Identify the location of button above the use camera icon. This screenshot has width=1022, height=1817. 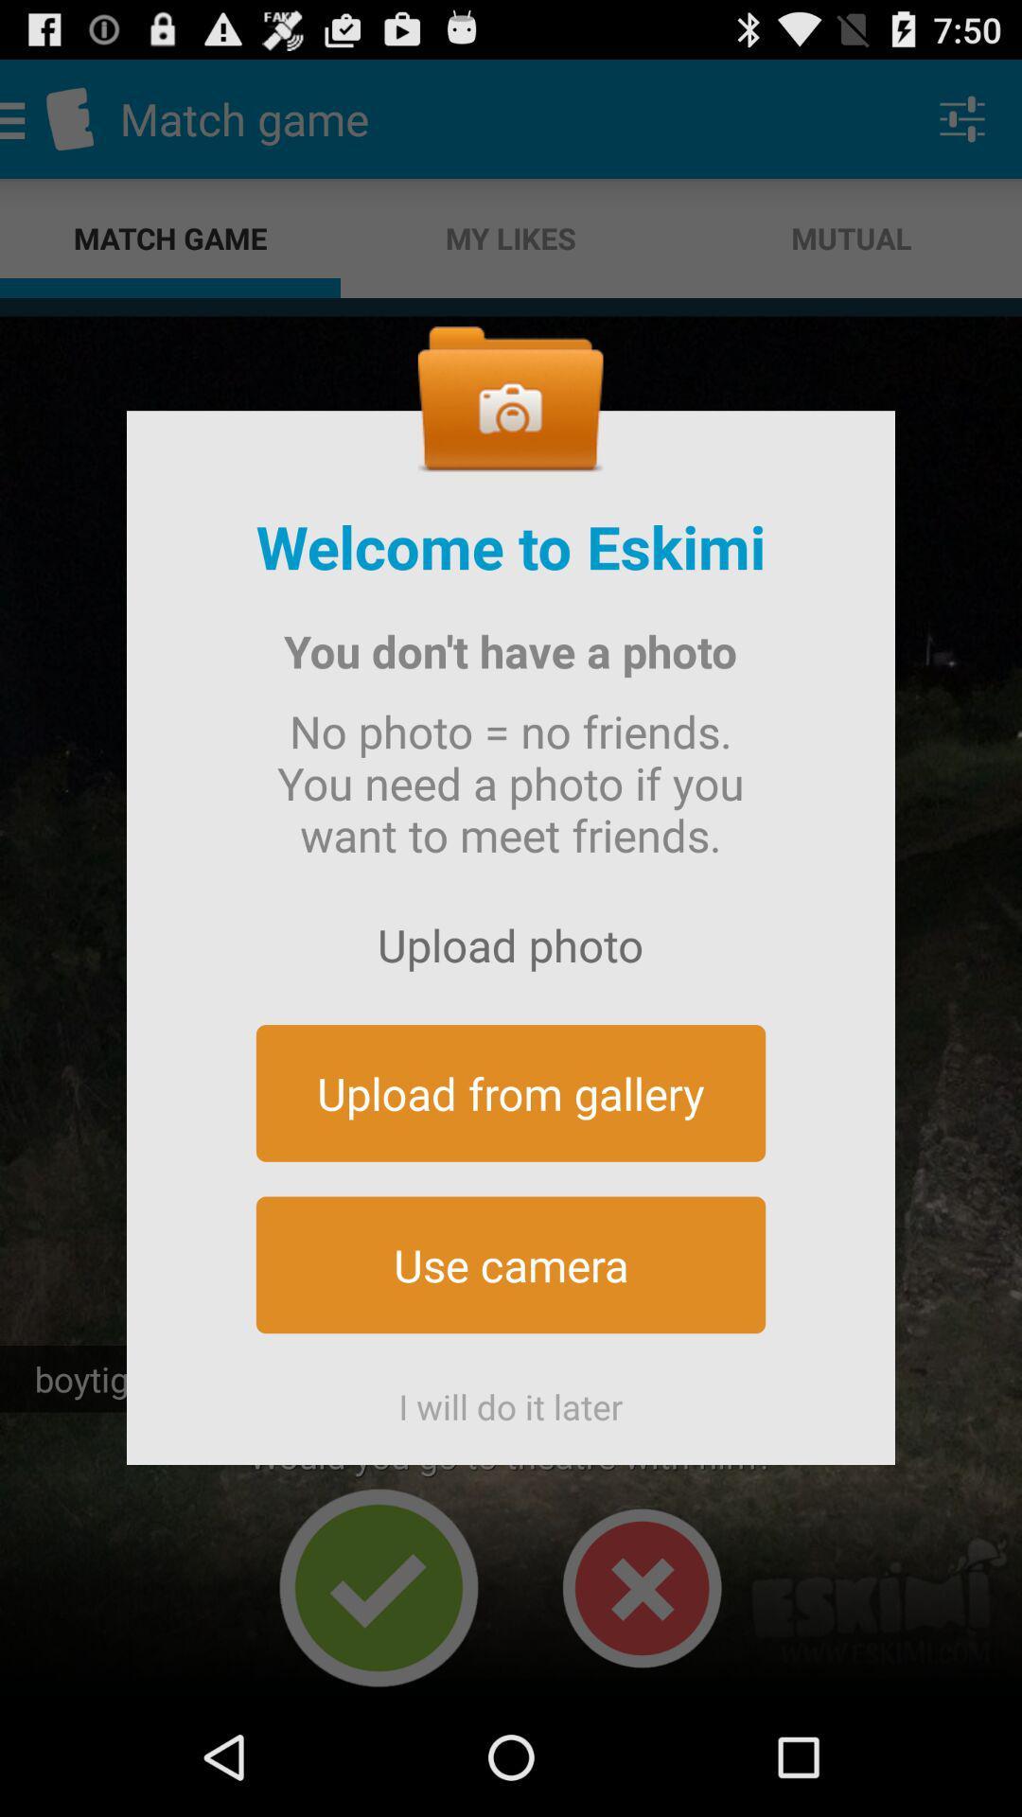
(511, 1093).